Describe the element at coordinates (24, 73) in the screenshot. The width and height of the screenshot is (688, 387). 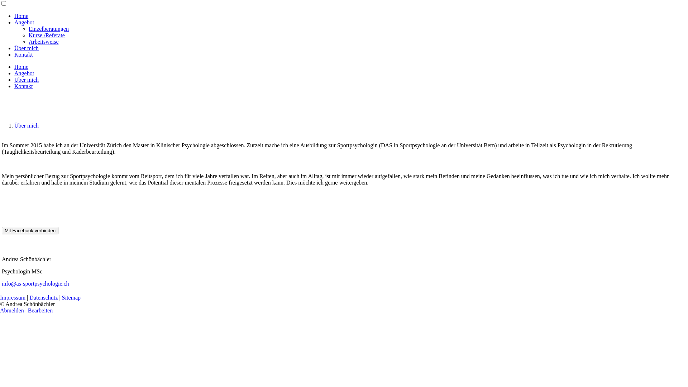
I see `'Angebot'` at that location.